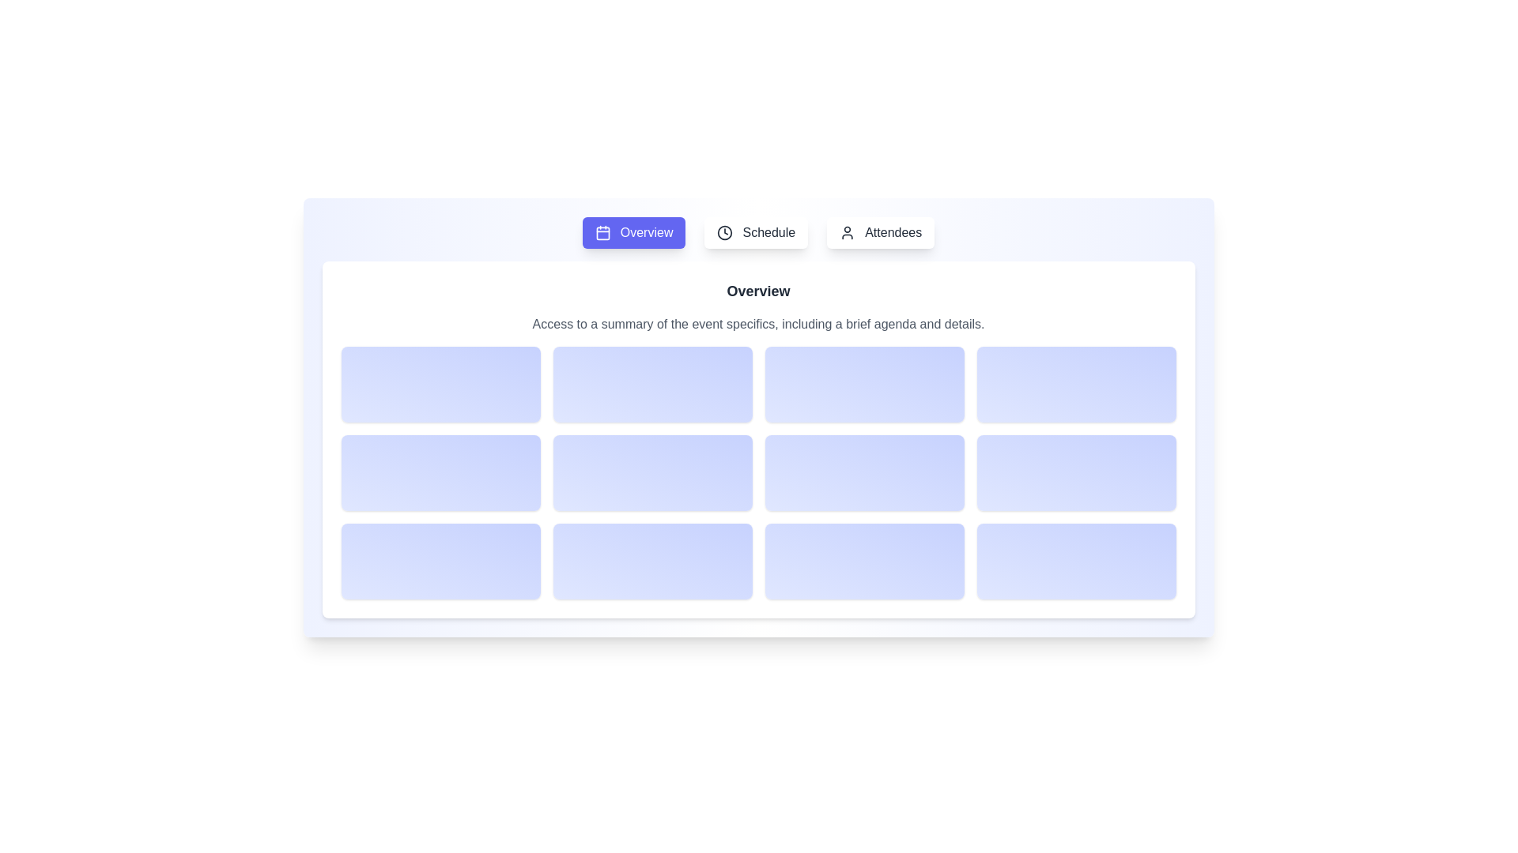  What do you see at coordinates (879, 232) in the screenshot?
I see `the Attendees button to observe the visual effect` at bounding box center [879, 232].